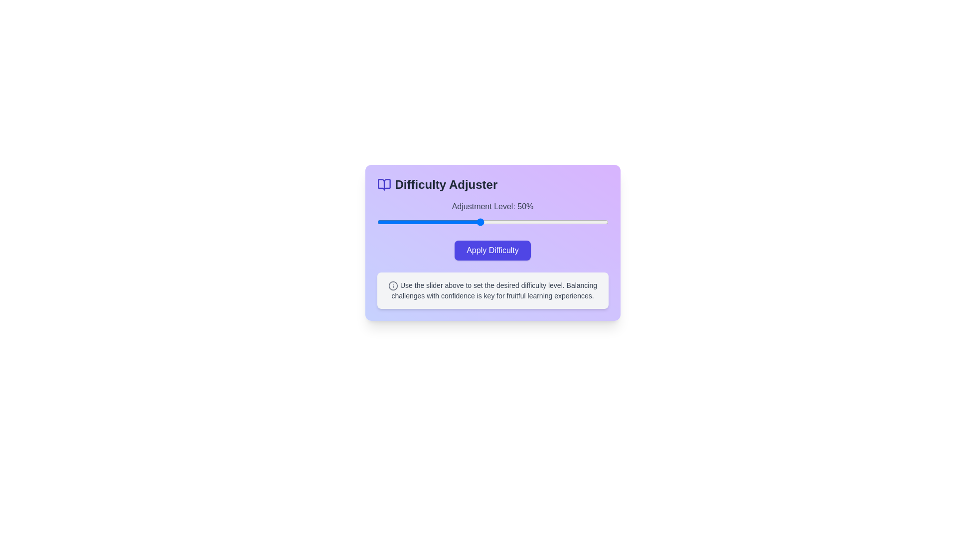 This screenshot has width=957, height=538. What do you see at coordinates (588, 222) in the screenshot?
I see `the difficulty slider to 92%` at bounding box center [588, 222].